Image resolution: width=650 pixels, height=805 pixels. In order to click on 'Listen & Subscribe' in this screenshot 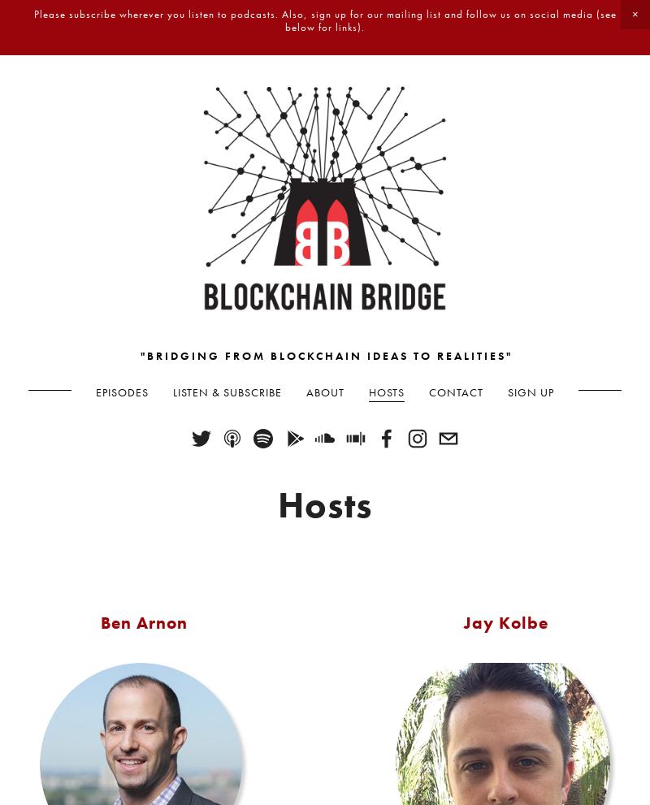, I will do `click(227, 391)`.